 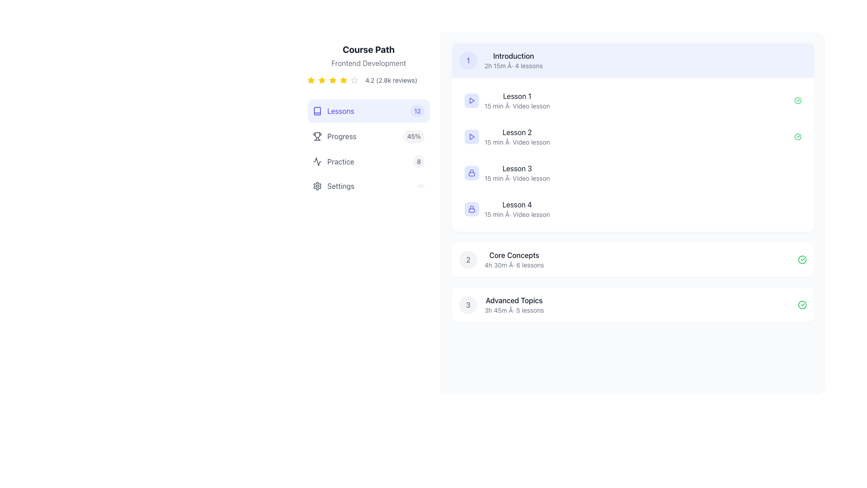 I want to click on the badge that indicates the first lesson, located at the top-left of the 'Introduction' section before the text 'Introduction', so click(x=468, y=61).